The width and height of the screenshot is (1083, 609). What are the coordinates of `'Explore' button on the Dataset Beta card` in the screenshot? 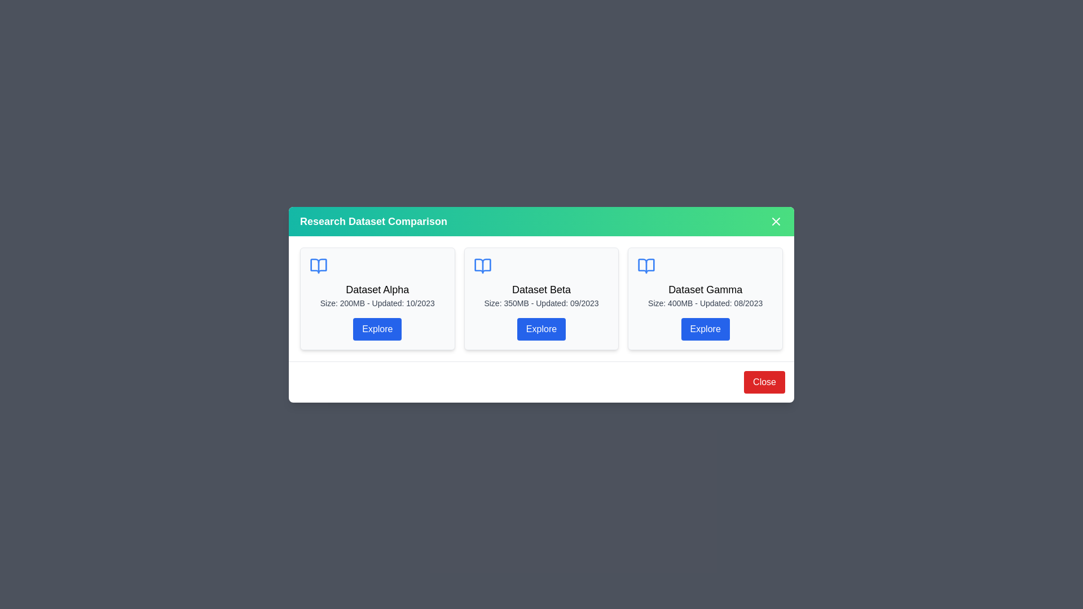 It's located at (541, 329).